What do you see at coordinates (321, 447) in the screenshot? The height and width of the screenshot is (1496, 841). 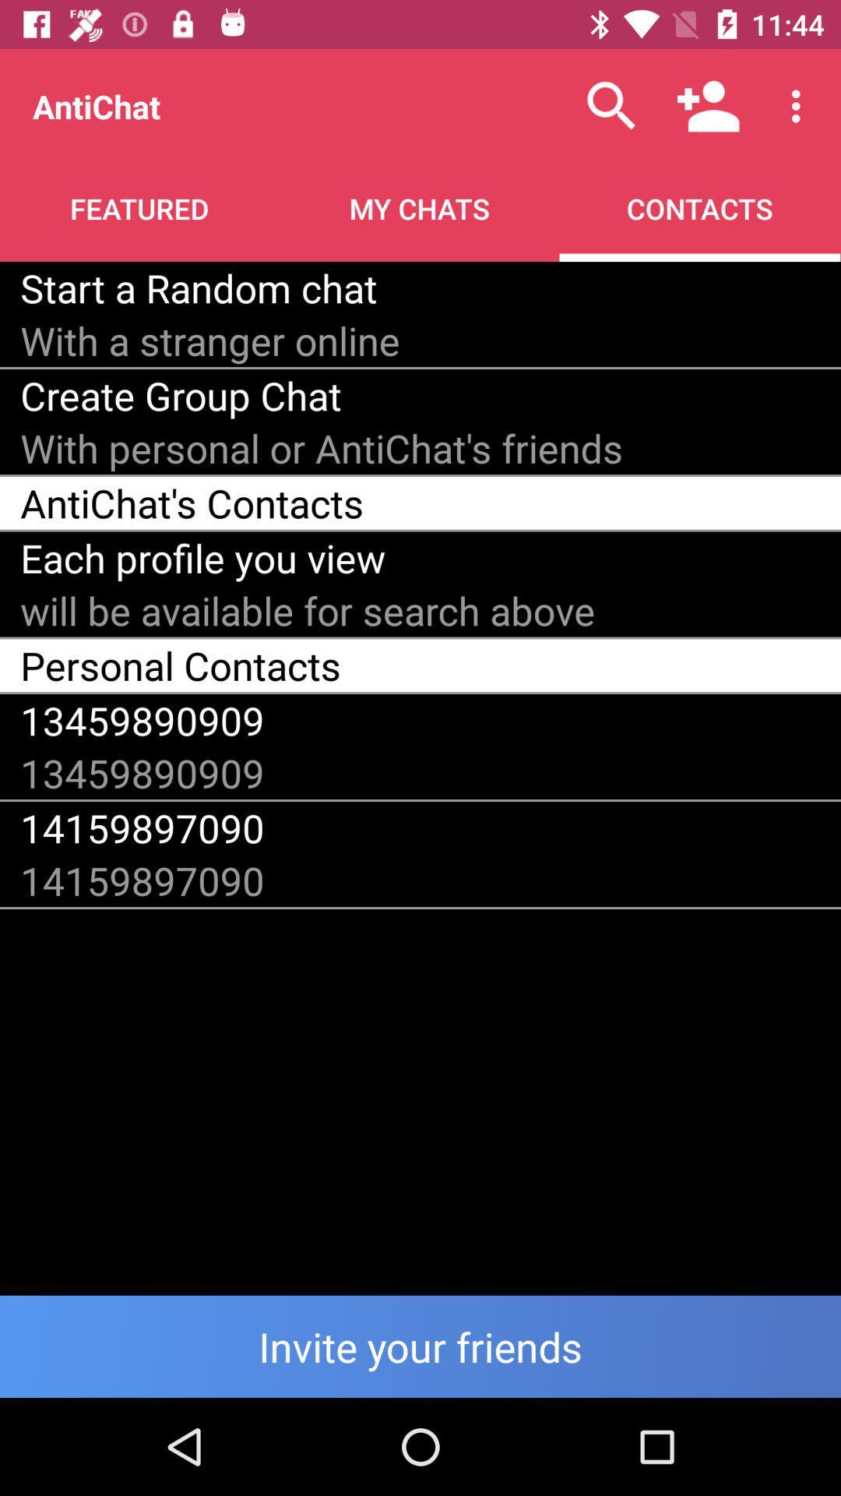 I see `icon below the create group chat` at bounding box center [321, 447].